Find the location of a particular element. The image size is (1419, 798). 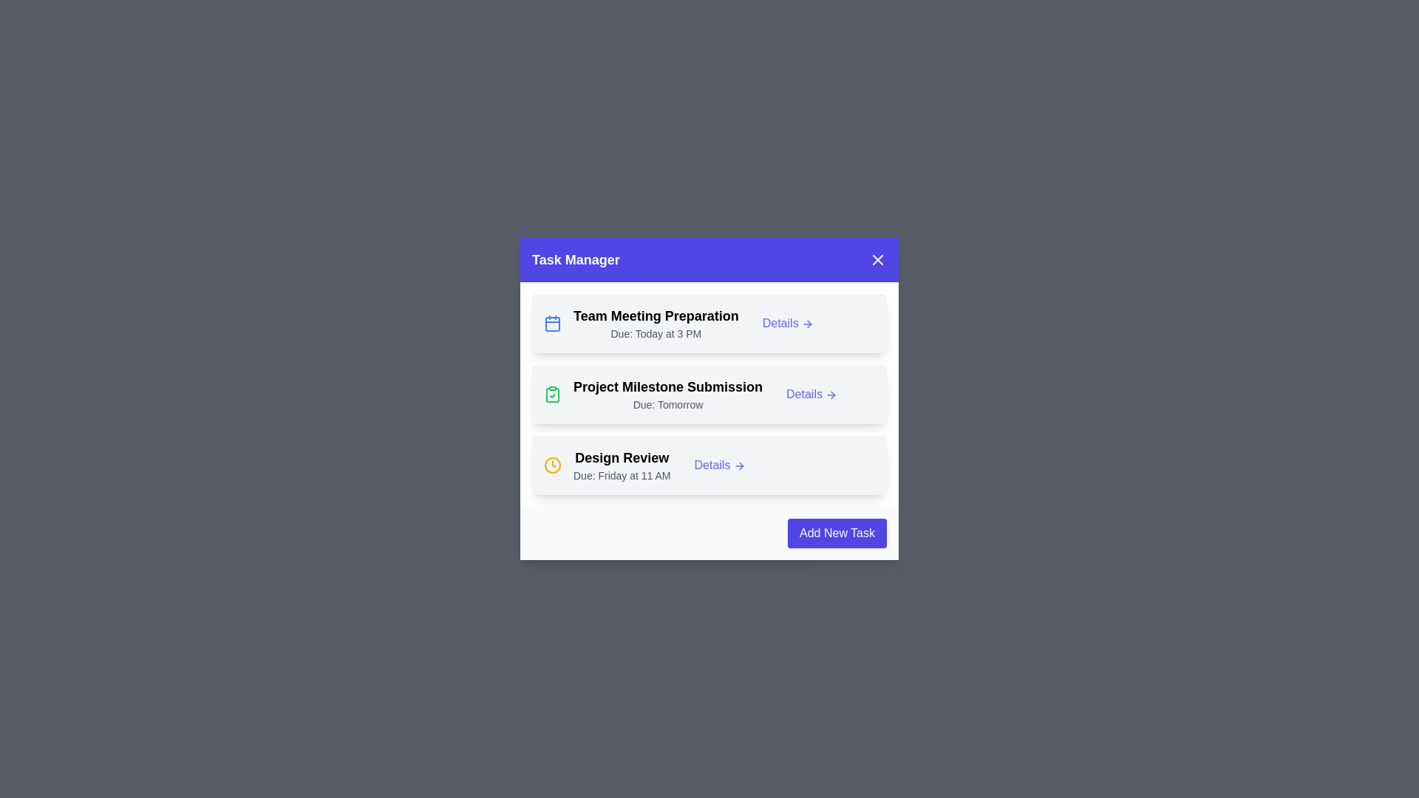

the status icon for the 'Project Milestone Submission' task is located at coordinates (552, 393).